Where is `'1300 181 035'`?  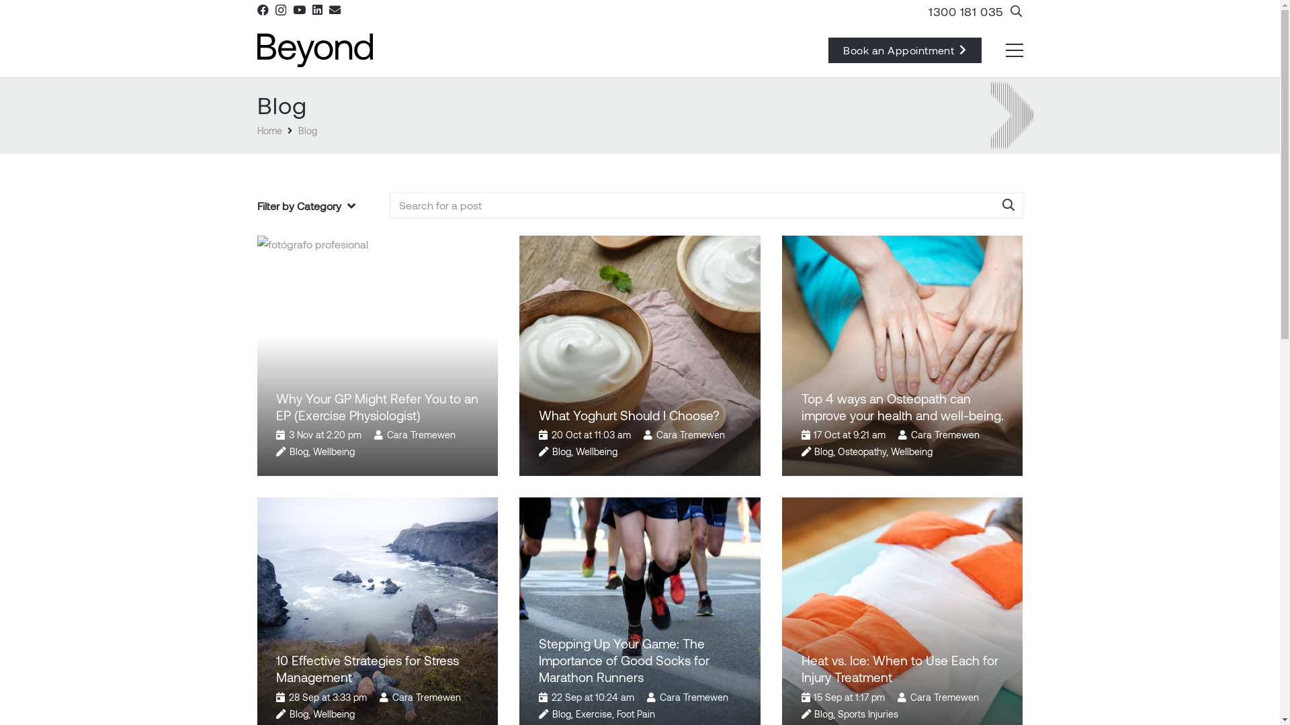 '1300 181 035' is located at coordinates (719, 525).